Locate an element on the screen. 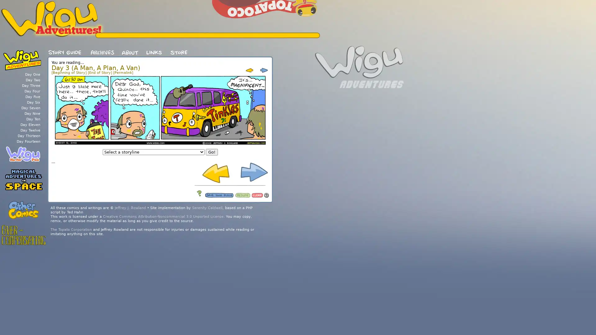 The height and width of the screenshot is (335, 596). Go! is located at coordinates (211, 152).